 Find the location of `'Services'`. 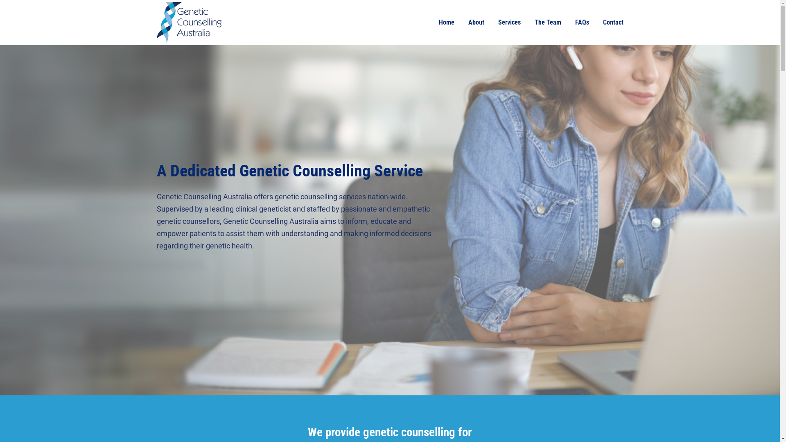

'Services' is located at coordinates (497, 22).